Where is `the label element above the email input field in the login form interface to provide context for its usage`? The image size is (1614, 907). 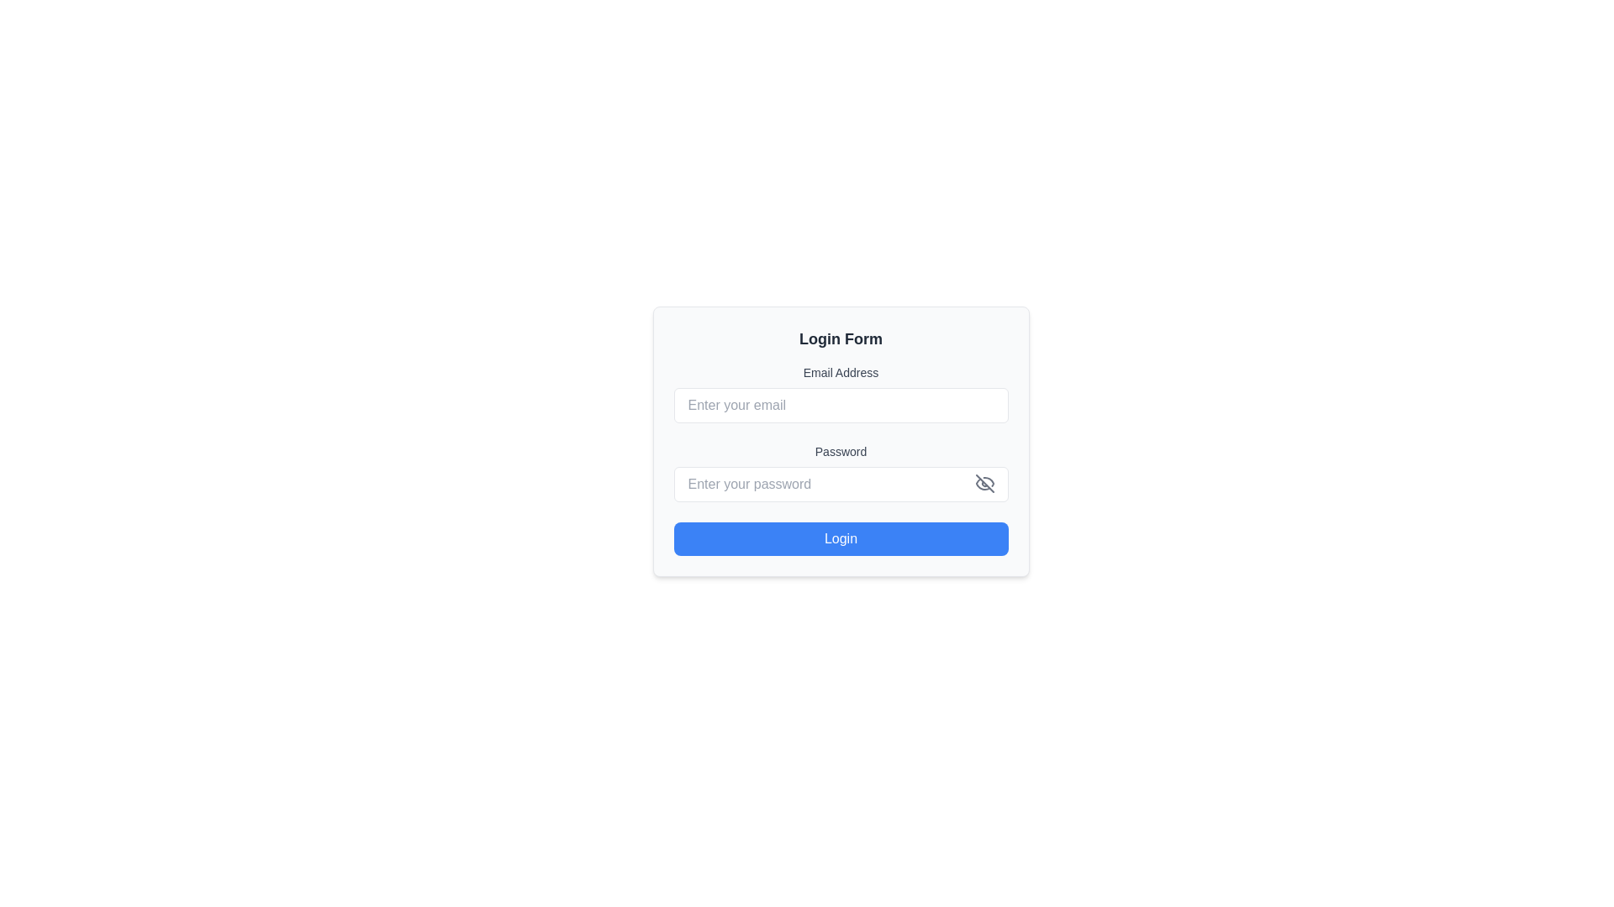
the label element above the email input field in the login form interface to provide context for its usage is located at coordinates (841, 371).